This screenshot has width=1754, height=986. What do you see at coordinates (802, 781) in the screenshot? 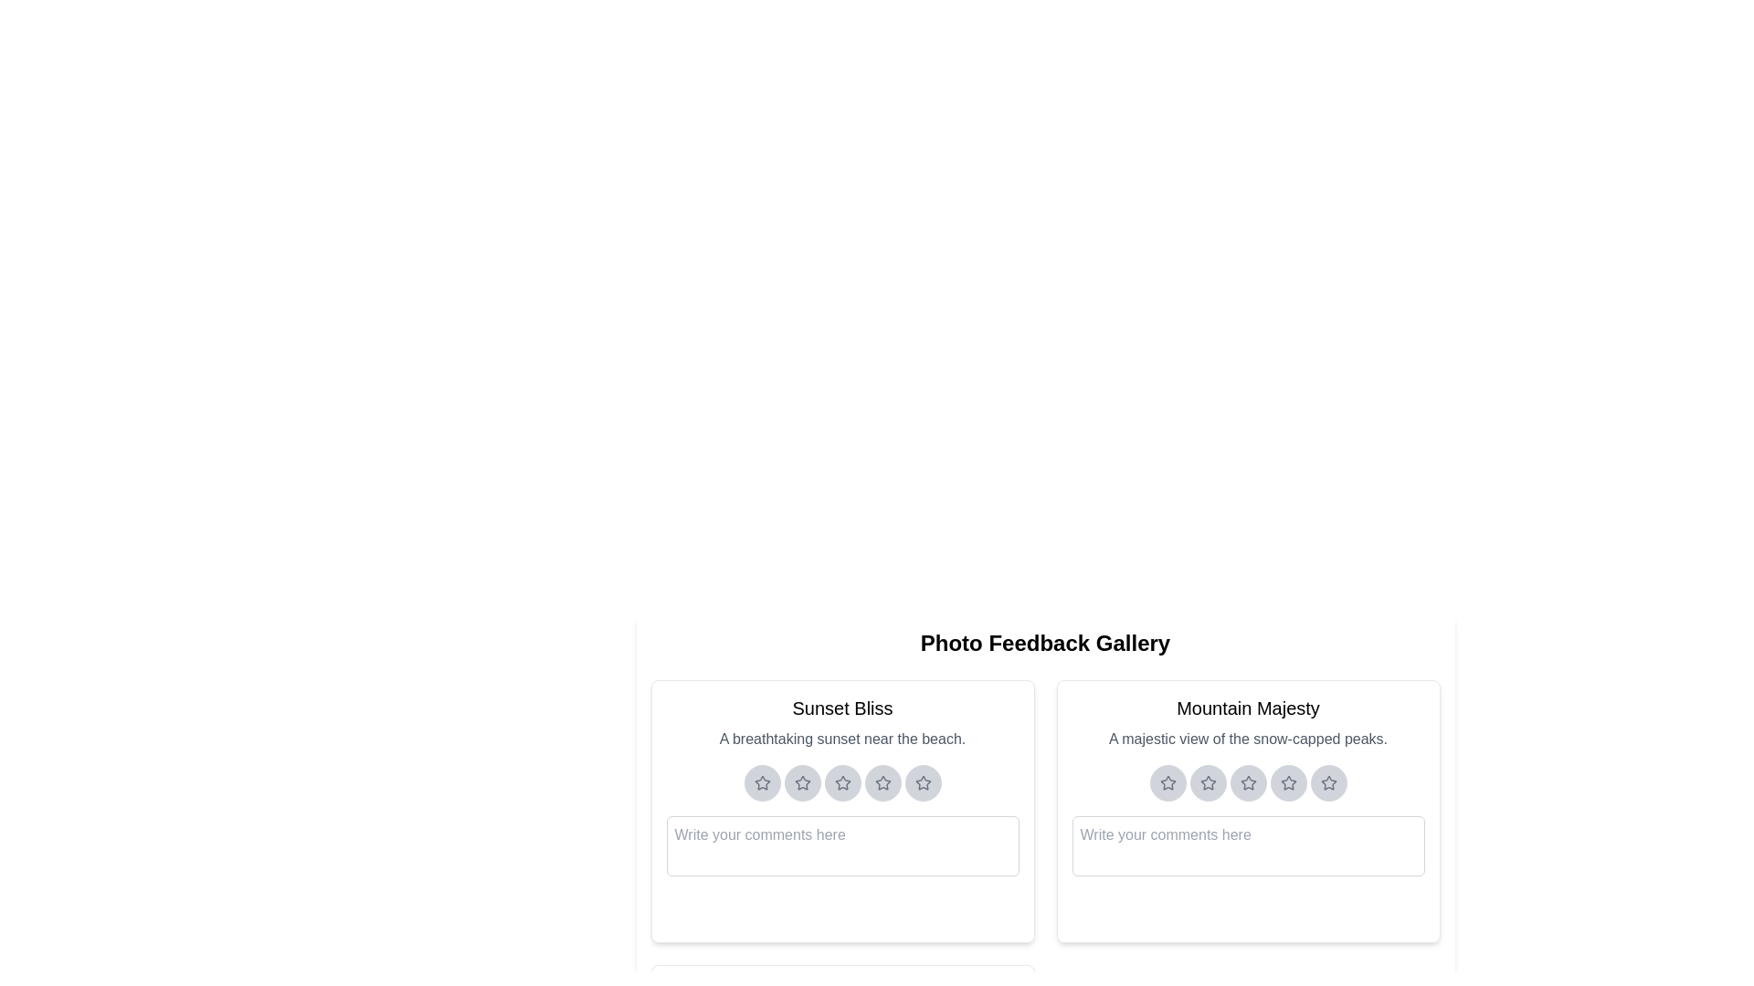
I see `the second Rating Button, which is a circular button with a light gray background and a star icon in the center, located beneath the 'Sunset Bliss' section` at bounding box center [802, 781].